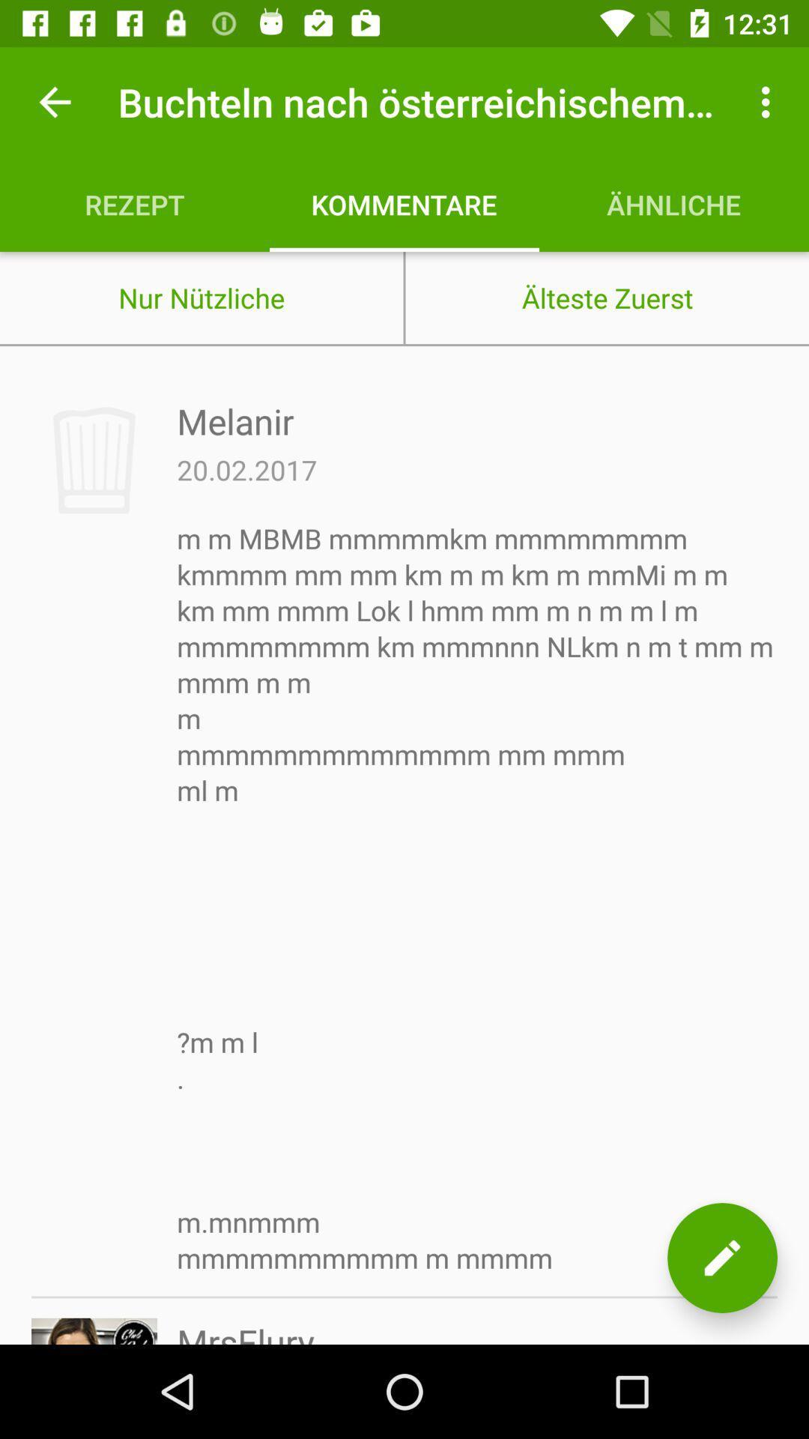 The width and height of the screenshot is (809, 1439). Describe the element at coordinates (721, 1258) in the screenshot. I see `write your tesxt` at that location.